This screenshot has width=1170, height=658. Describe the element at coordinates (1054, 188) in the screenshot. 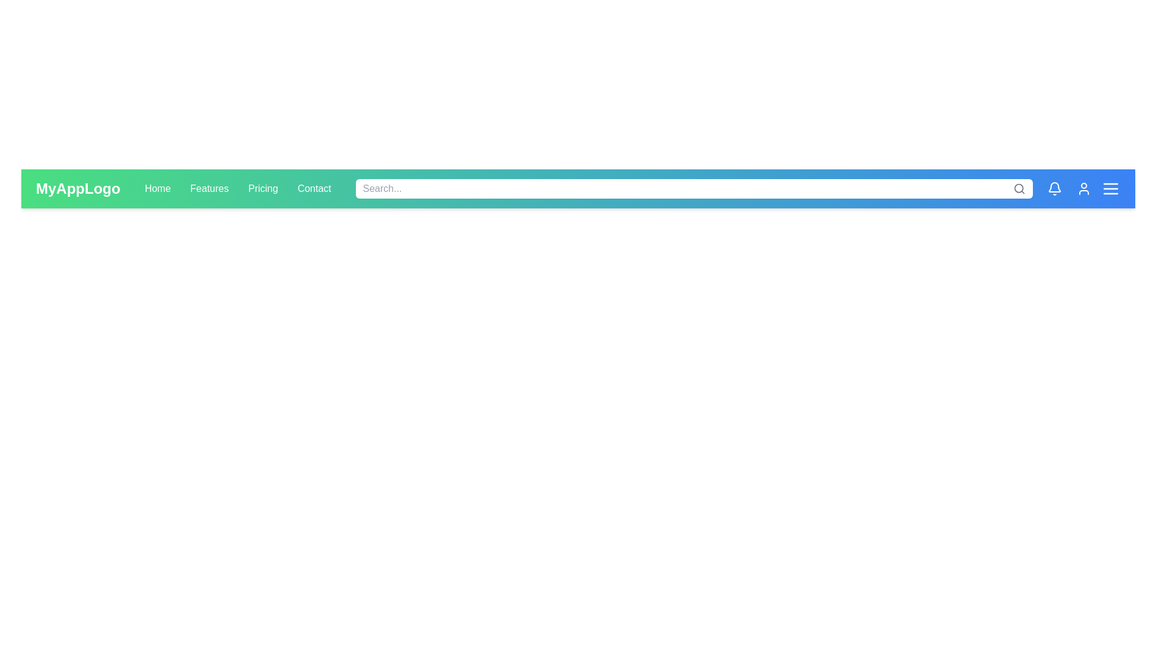

I see `the bell icon located on the right side of the navigation bar, positioned between the search bar and the user profile icon` at that location.